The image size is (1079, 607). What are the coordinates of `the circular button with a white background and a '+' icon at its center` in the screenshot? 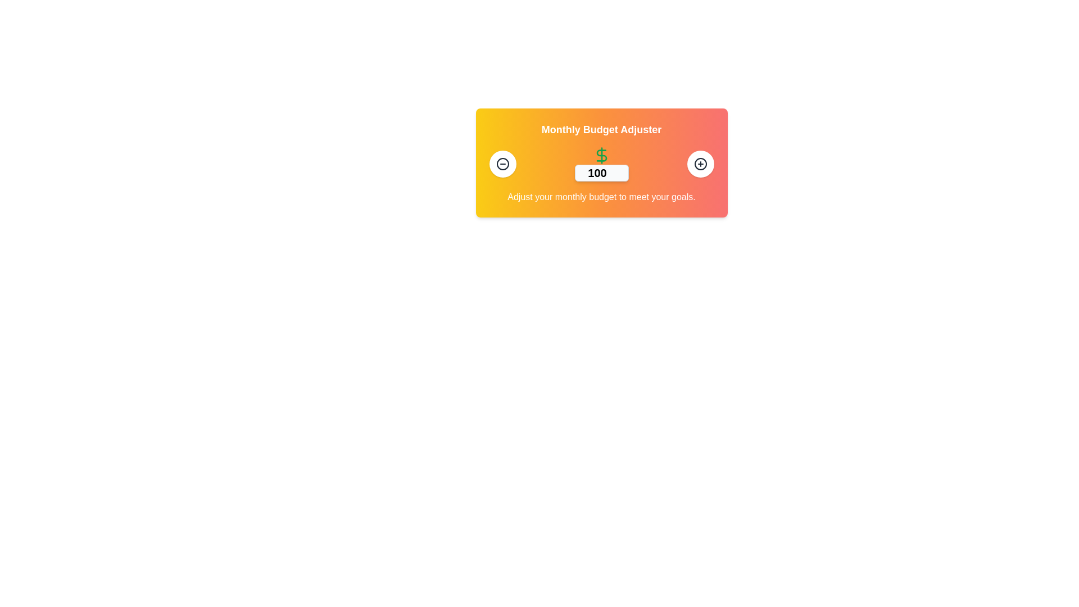 It's located at (700, 164).